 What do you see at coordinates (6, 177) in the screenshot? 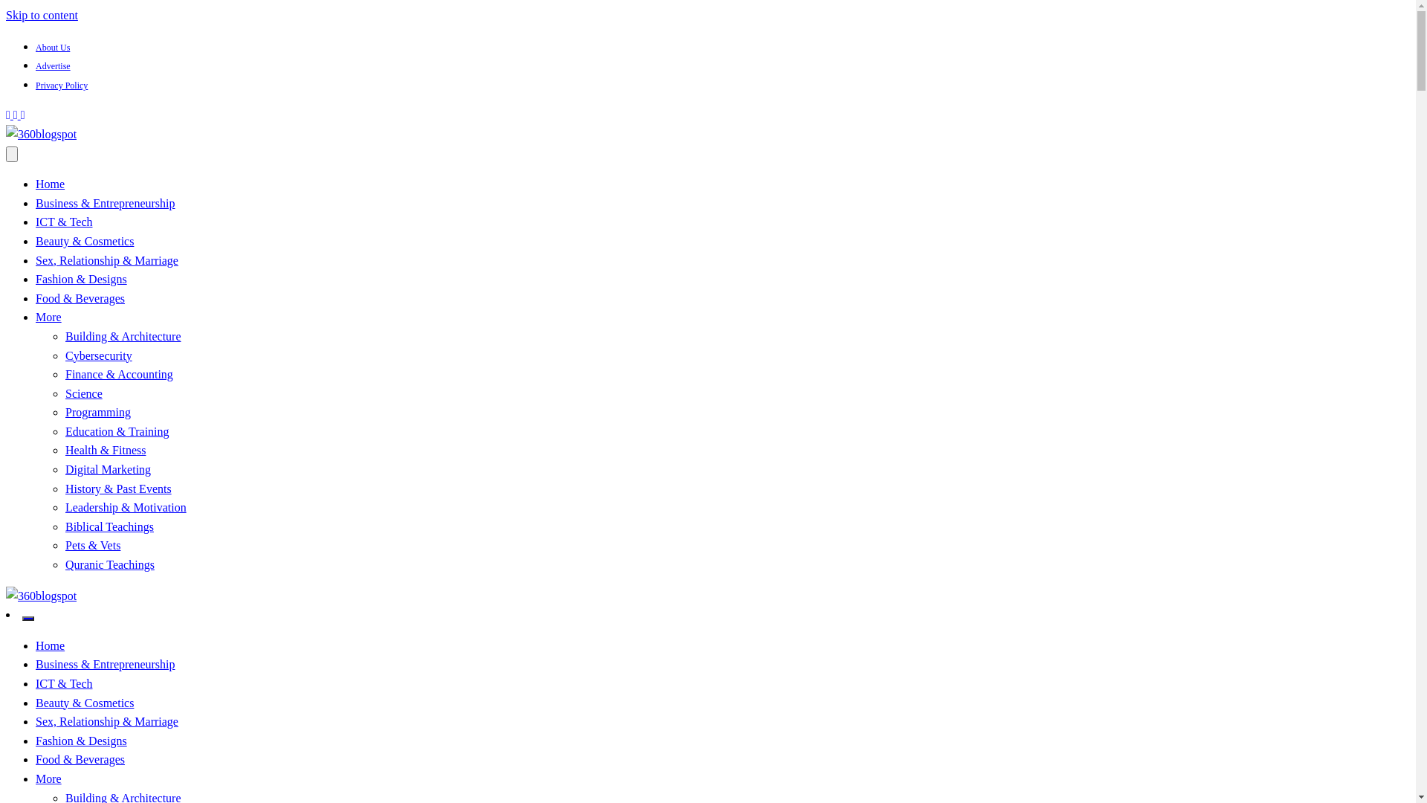
I see `'360blogspot'` at bounding box center [6, 177].